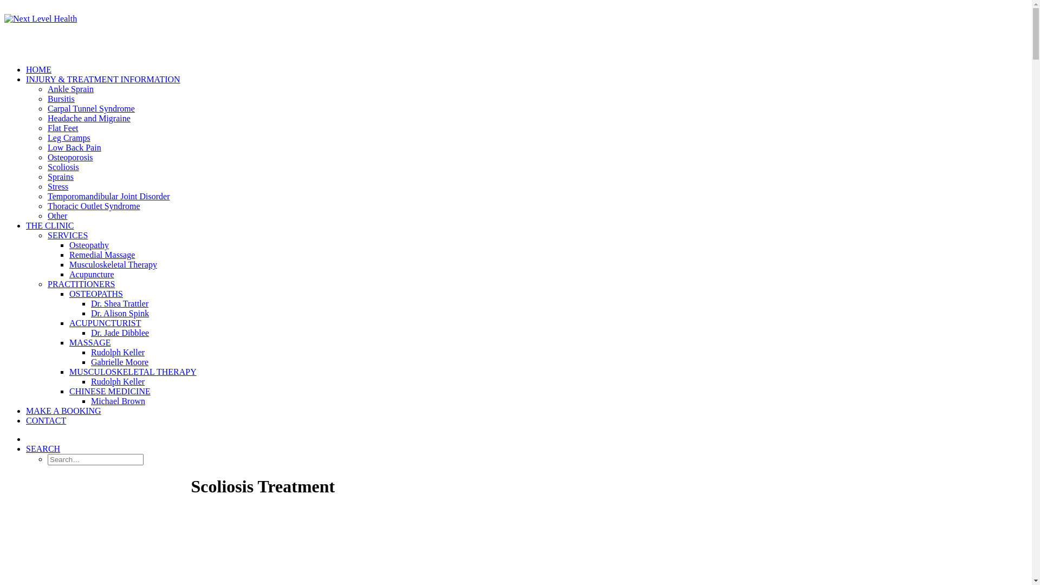 This screenshot has height=585, width=1040. I want to click on 'Acupuncture', so click(92, 274).